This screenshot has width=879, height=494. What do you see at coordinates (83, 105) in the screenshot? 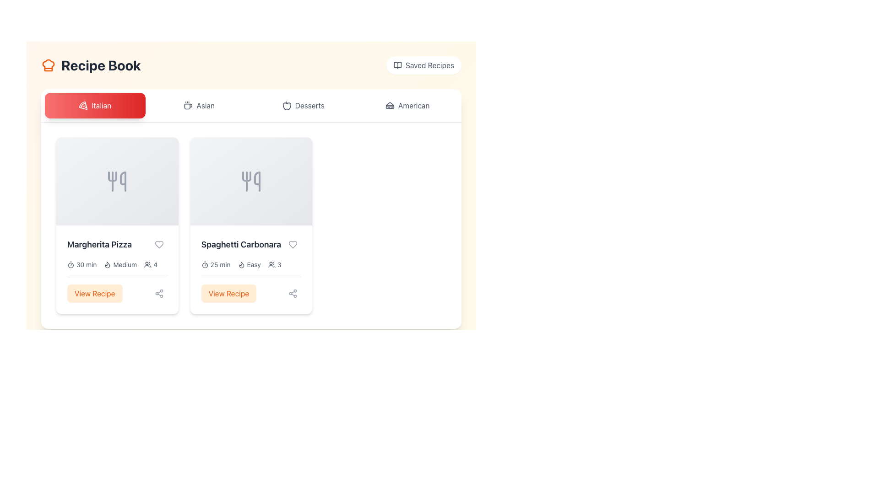
I see `the stylized pizza slice icon located in the top-left segment of the navigation bar, next to the 'Italian' tab` at bounding box center [83, 105].